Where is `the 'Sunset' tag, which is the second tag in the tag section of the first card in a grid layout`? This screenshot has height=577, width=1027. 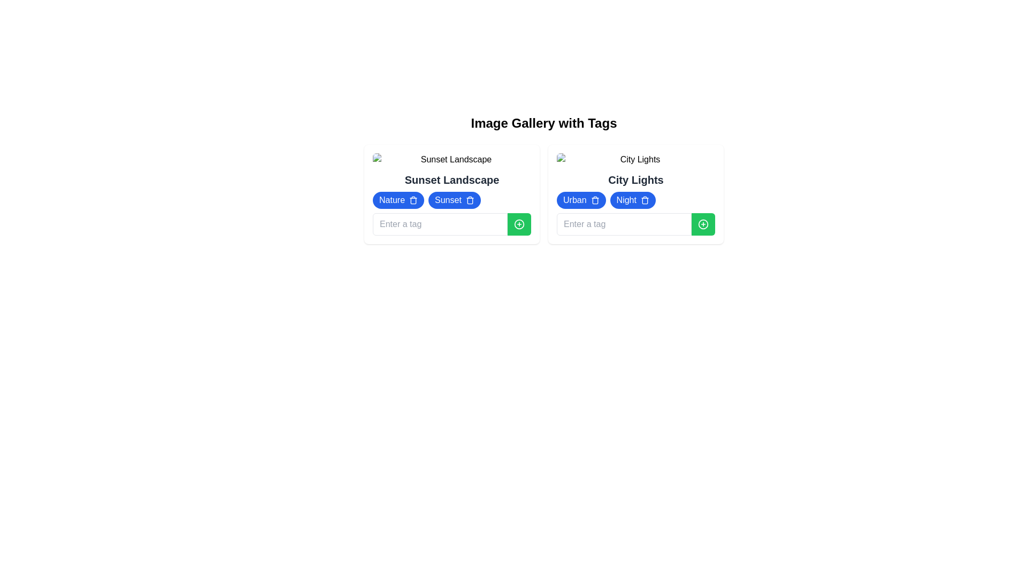 the 'Sunset' tag, which is the second tag in the tag section of the first card in a grid layout is located at coordinates (451, 194).